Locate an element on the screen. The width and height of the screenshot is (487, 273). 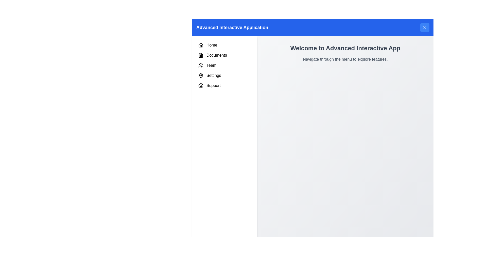
the 'Home' text label in the menu section is located at coordinates (212, 45).